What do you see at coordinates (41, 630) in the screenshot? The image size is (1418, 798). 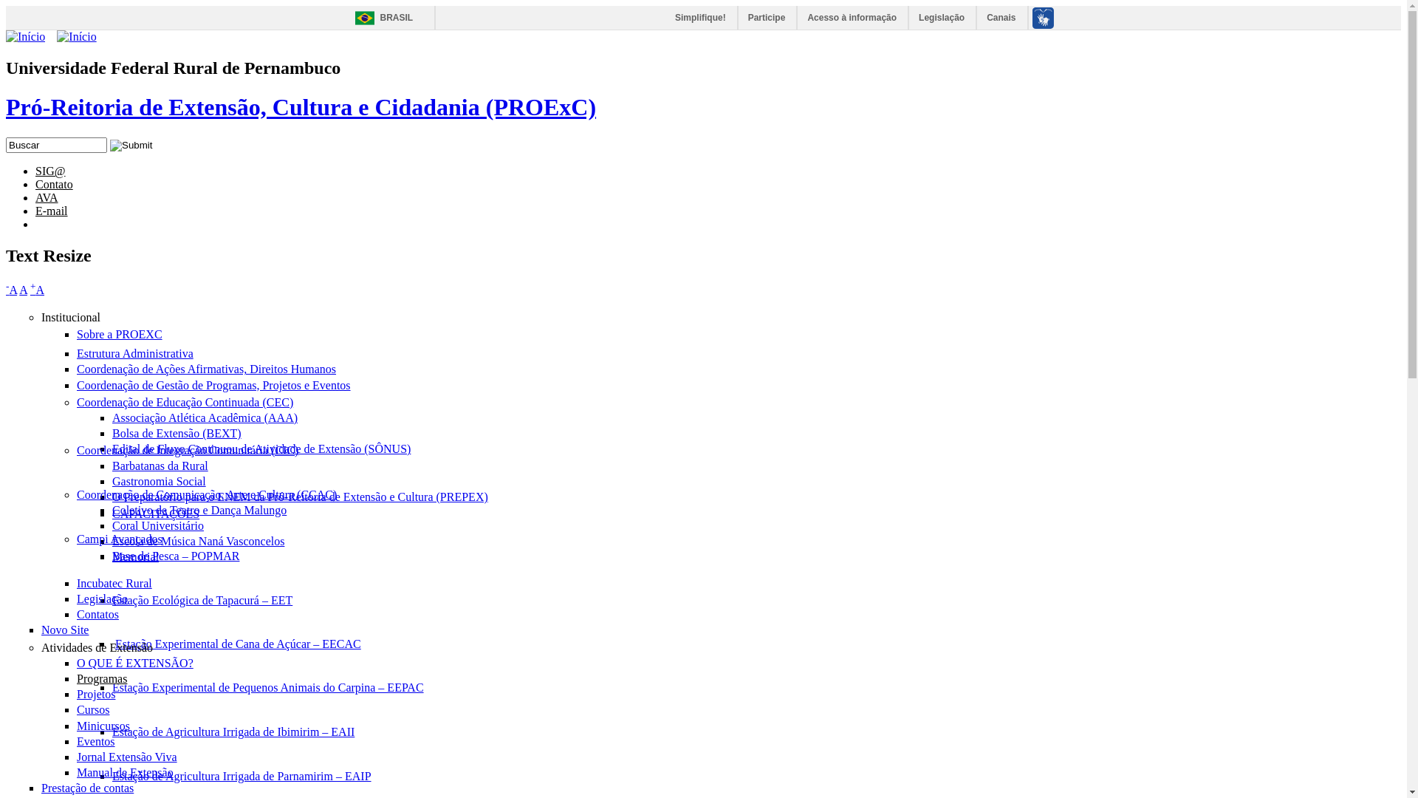 I see `'Novo Site'` at bounding box center [41, 630].